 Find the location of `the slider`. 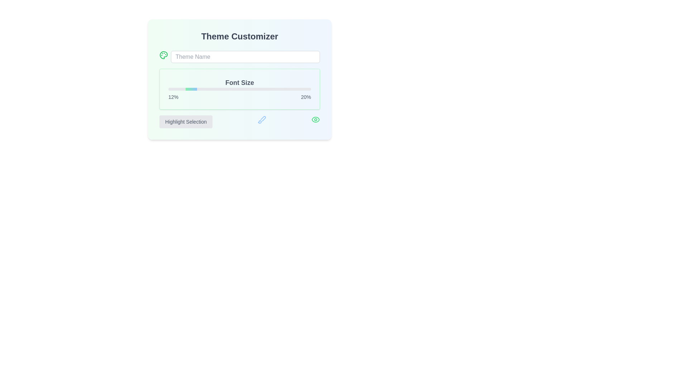

the slider is located at coordinates (241, 89).